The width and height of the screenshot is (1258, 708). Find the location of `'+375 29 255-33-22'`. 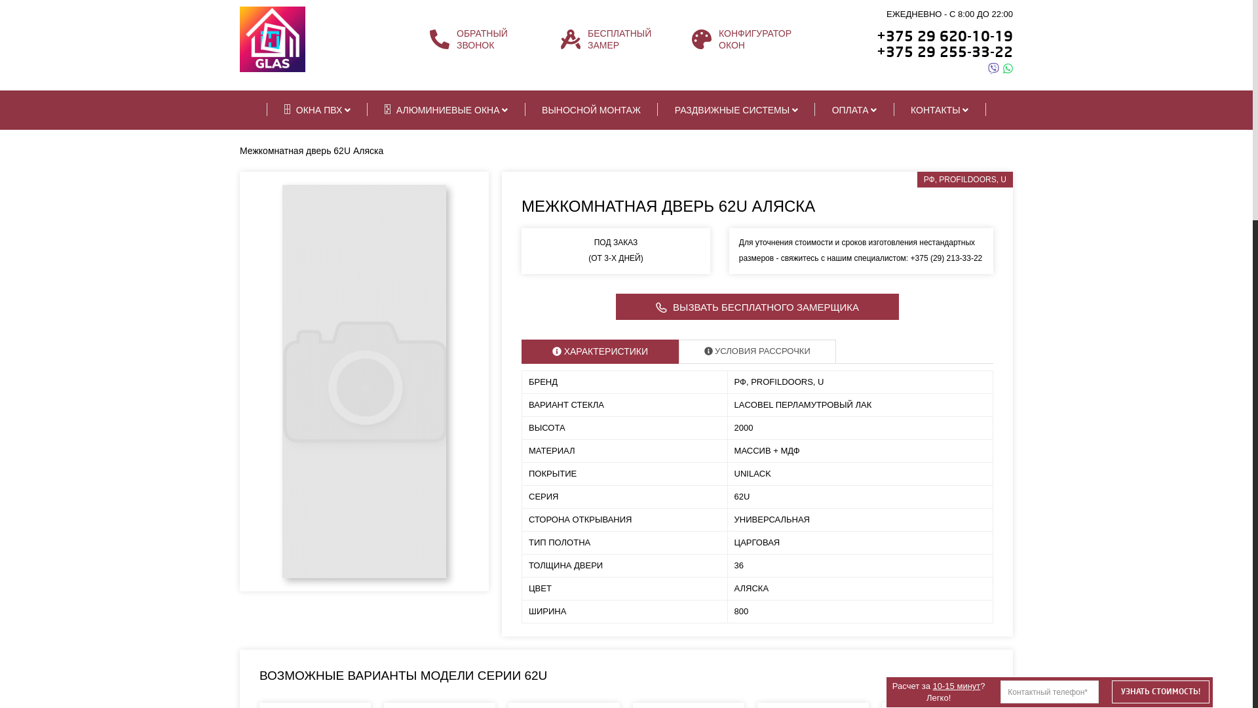

'+375 29 255-33-22' is located at coordinates (944, 51).